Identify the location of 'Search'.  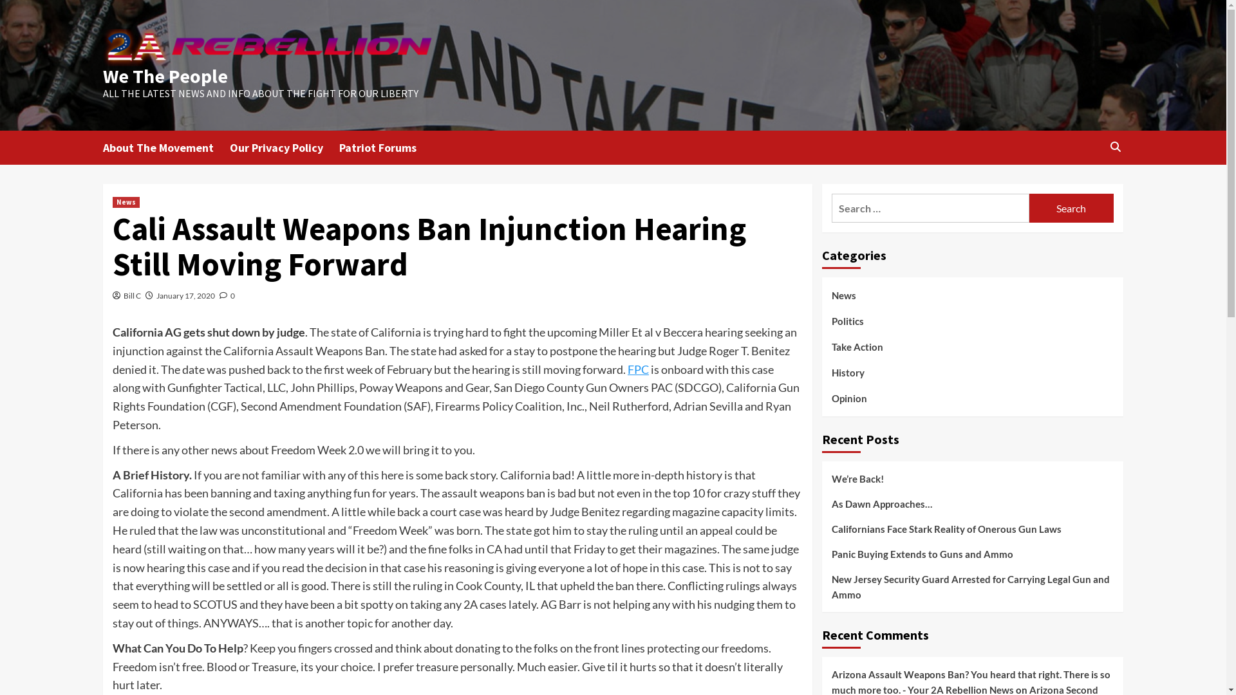
(1056, 187).